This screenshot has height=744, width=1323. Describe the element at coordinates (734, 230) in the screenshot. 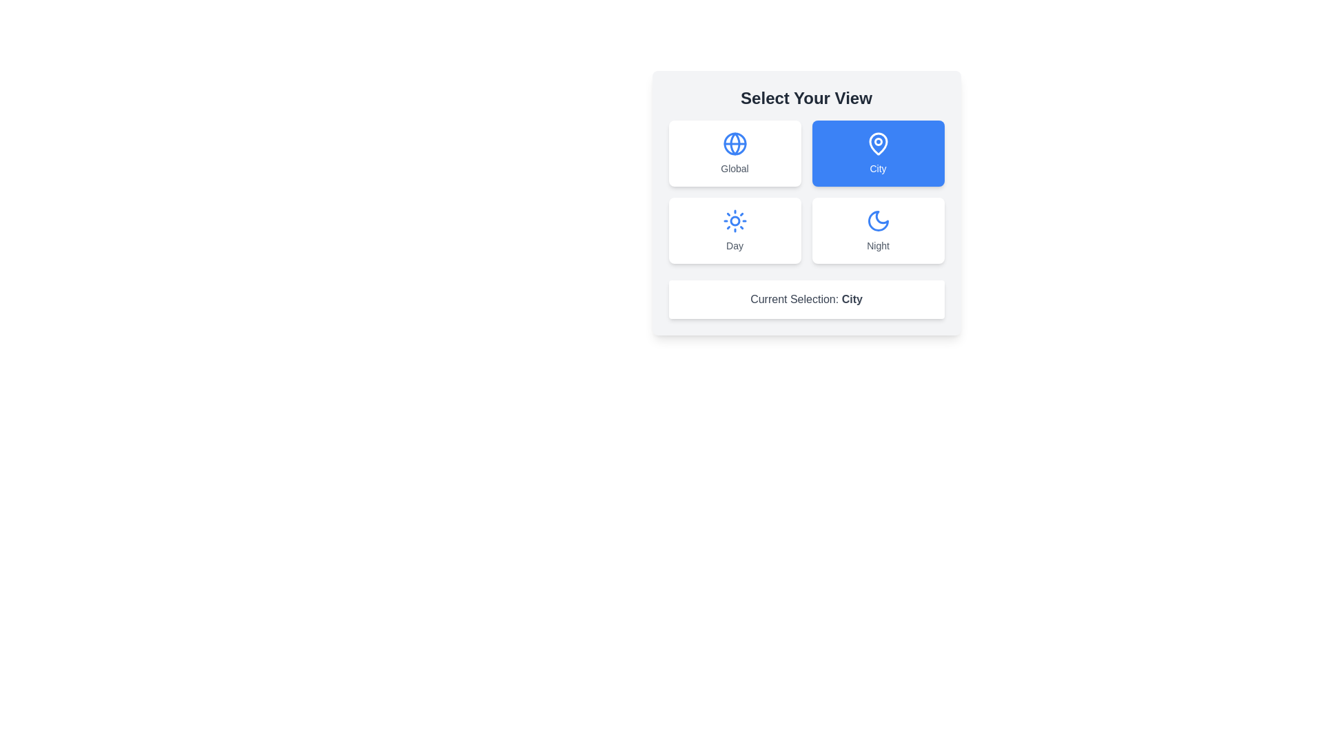

I see `the 'Day' view selection button` at that location.